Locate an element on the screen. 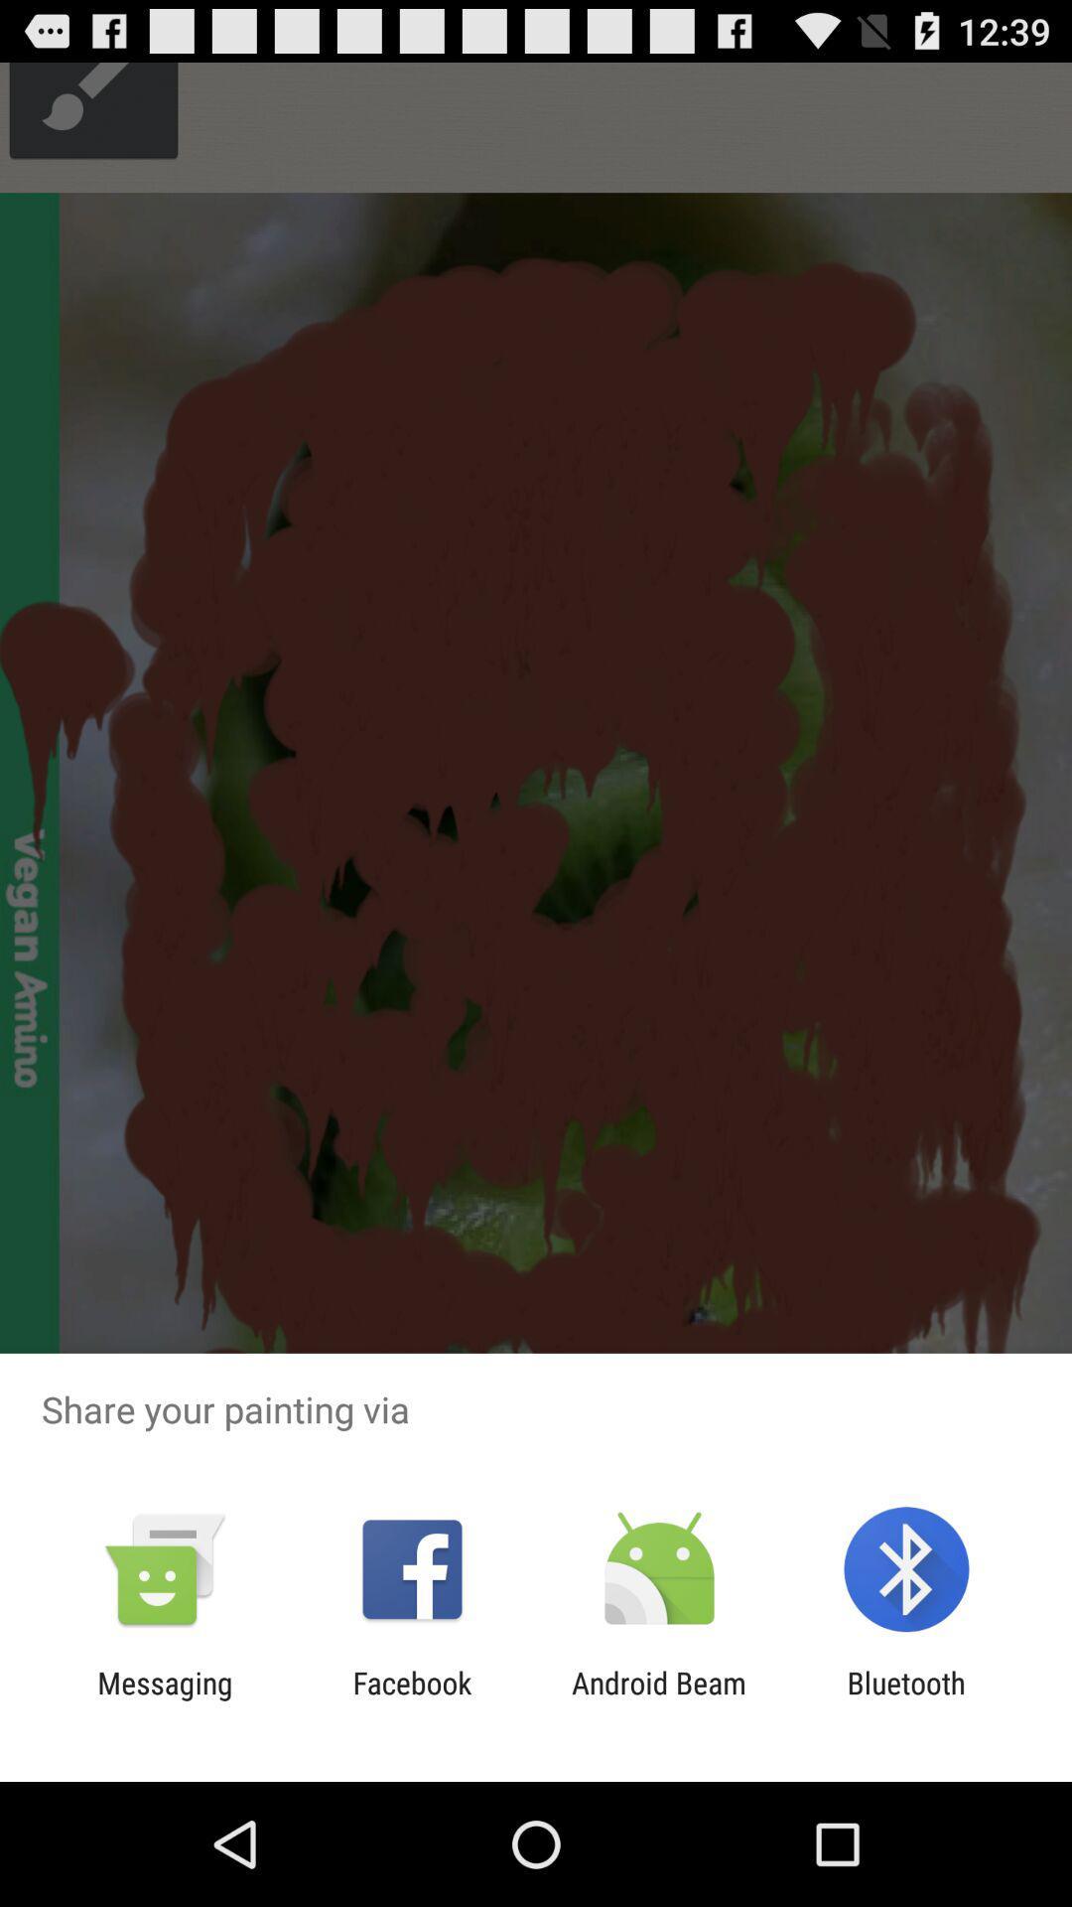 Image resolution: width=1072 pixels, height=1907 pixels. icon to the left of the facebook icon is located at coordinates (164, 1699).